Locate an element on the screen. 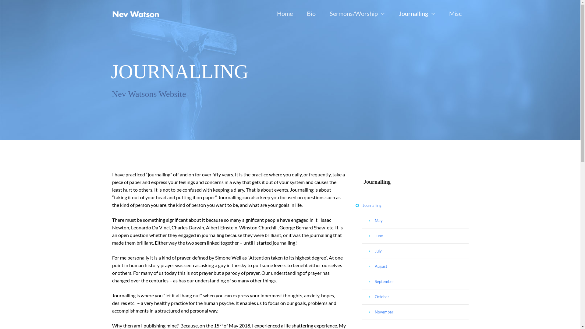  'Bio' is located at coordinates (311, 14).